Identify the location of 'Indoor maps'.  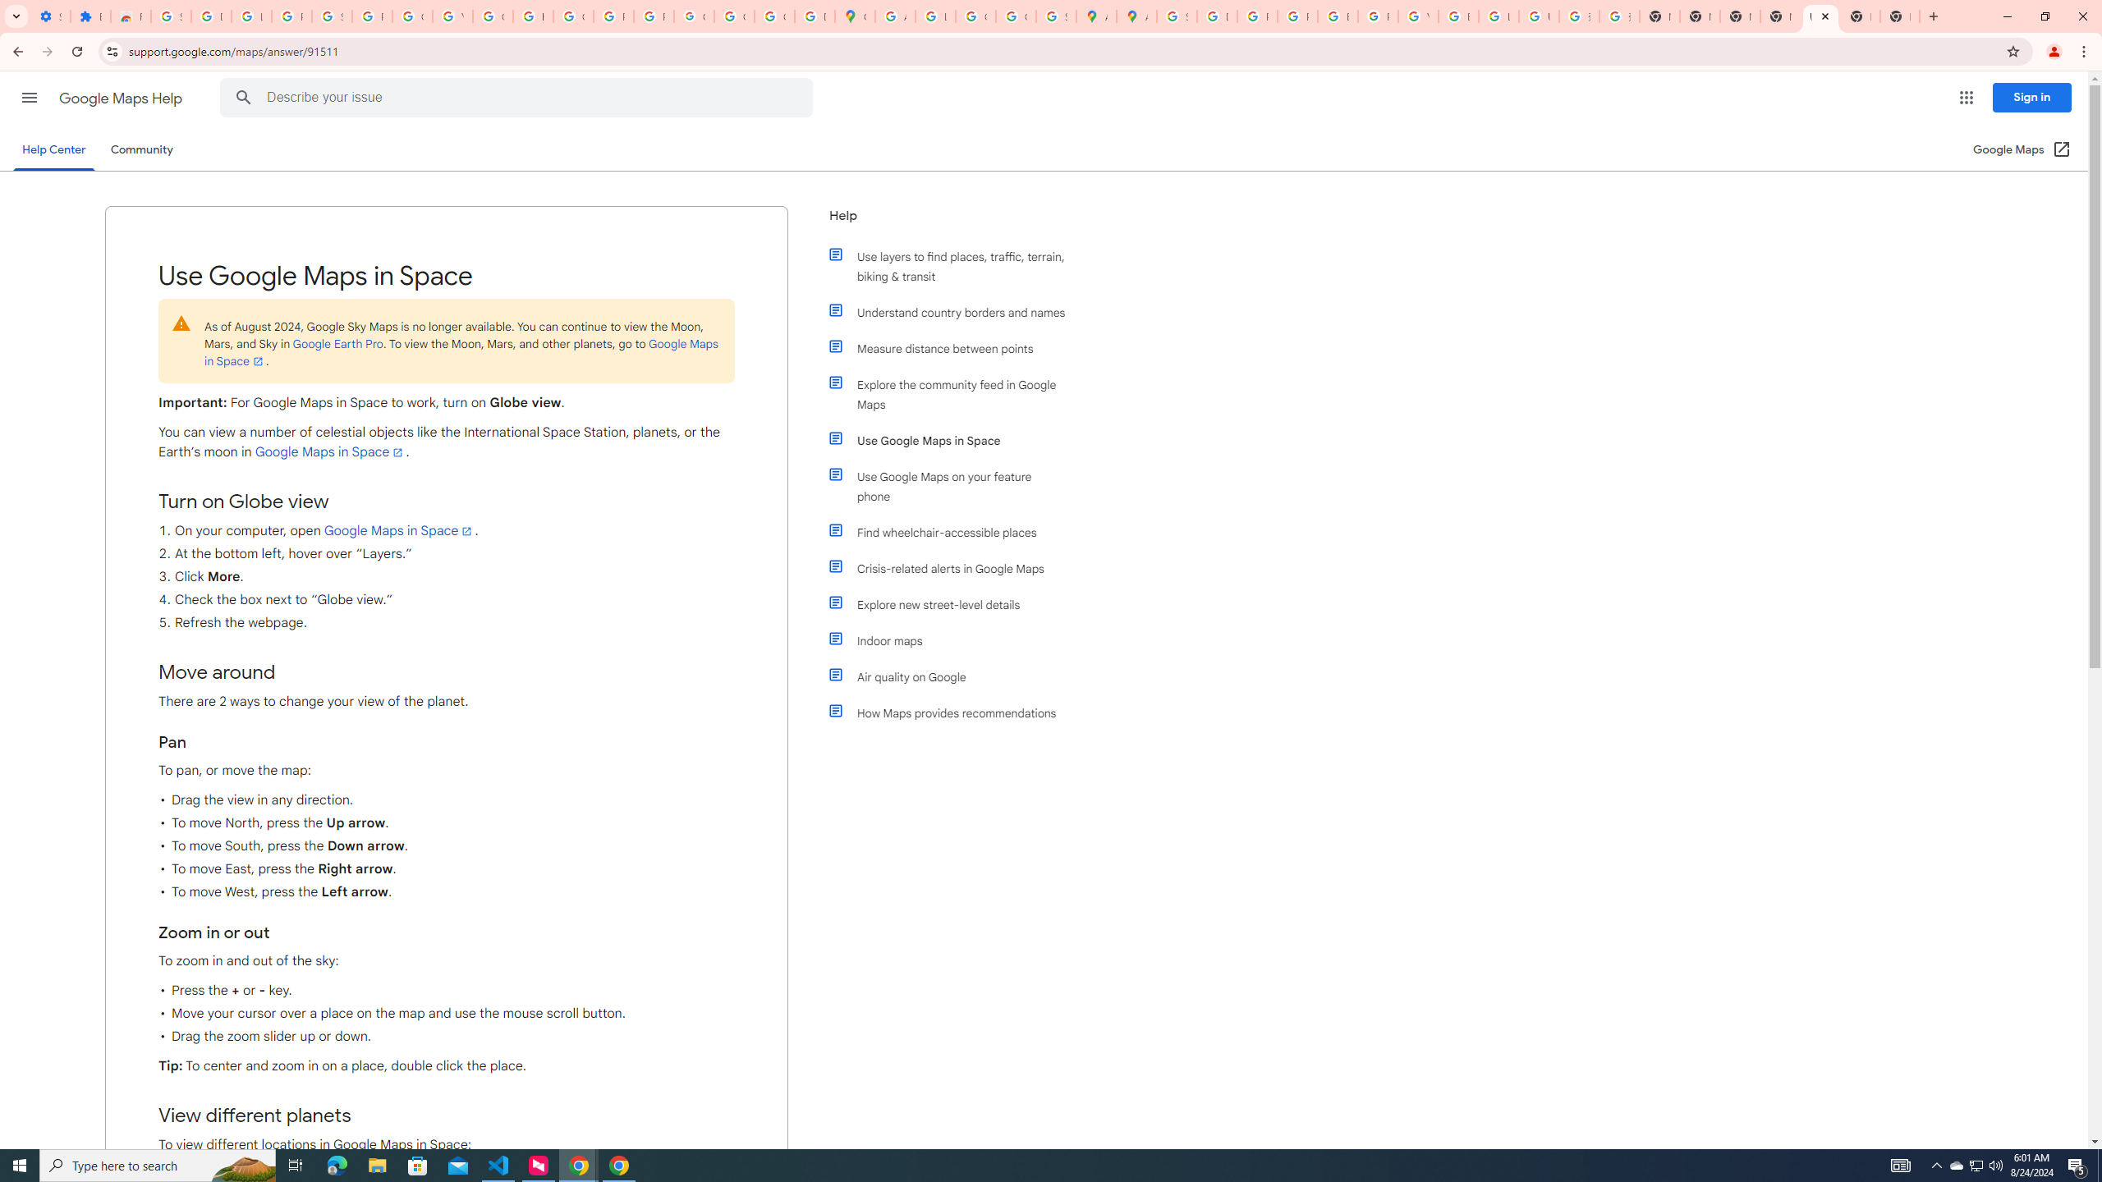
(954, 641).